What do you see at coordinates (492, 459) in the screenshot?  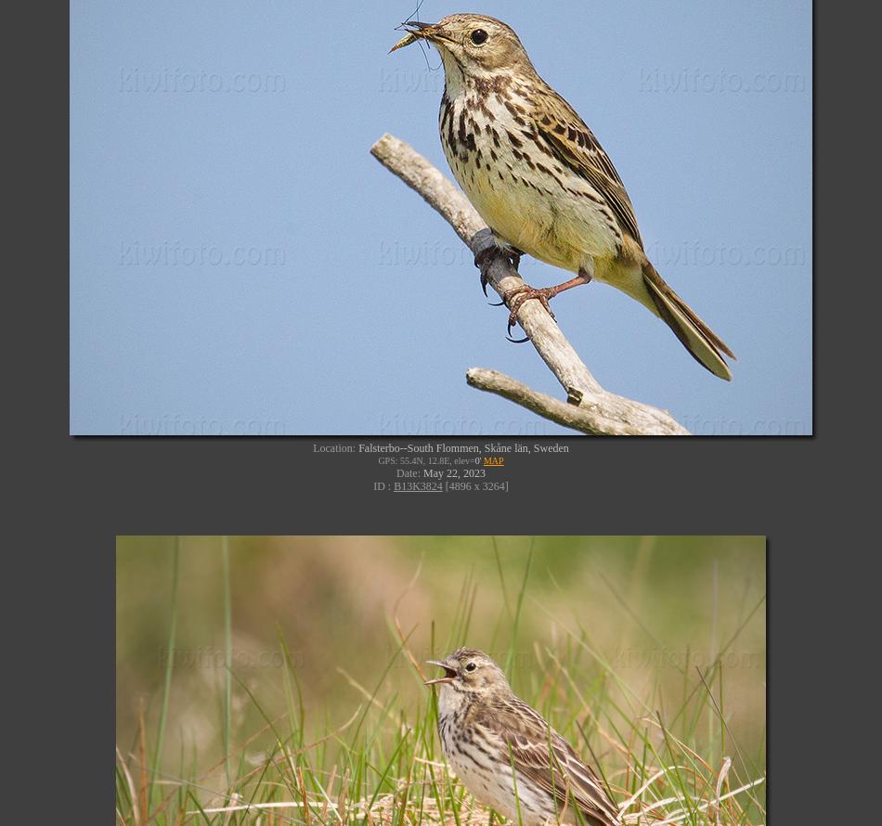 I see `'MAP'` at bounding box center [492, 459].